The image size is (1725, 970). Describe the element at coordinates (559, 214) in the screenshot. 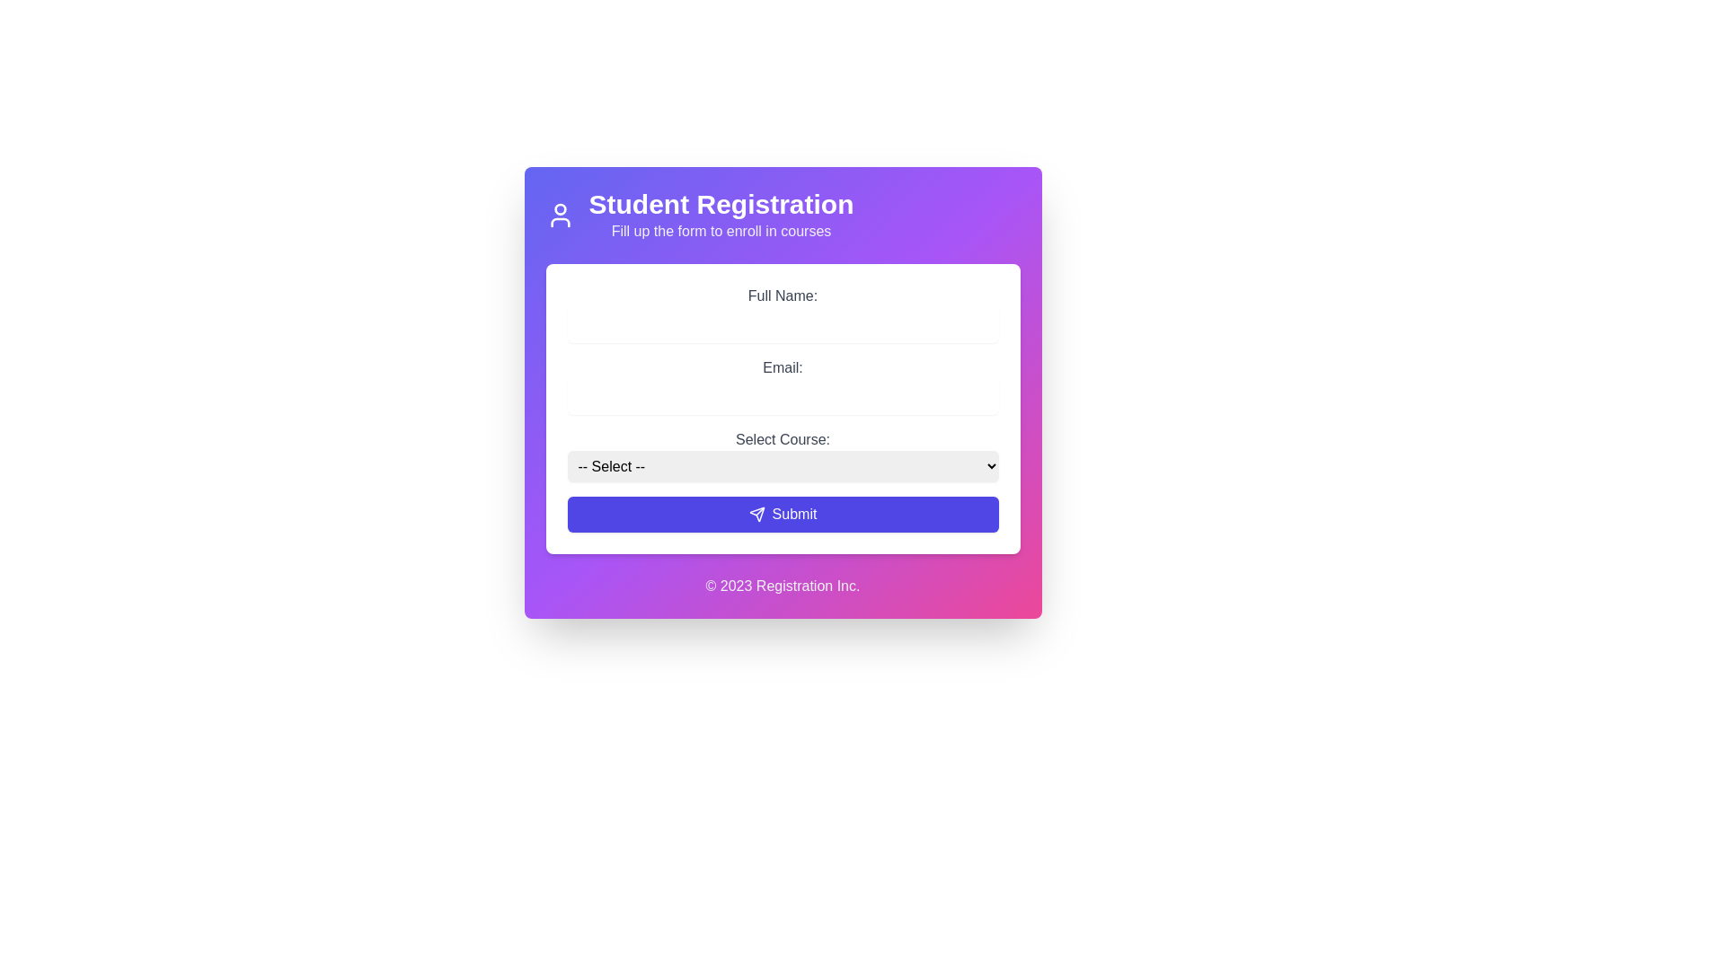

I see `the user-related icon located at the top-left corner of the registration panel, adjacent to the title 'Student Registration'` at that location.